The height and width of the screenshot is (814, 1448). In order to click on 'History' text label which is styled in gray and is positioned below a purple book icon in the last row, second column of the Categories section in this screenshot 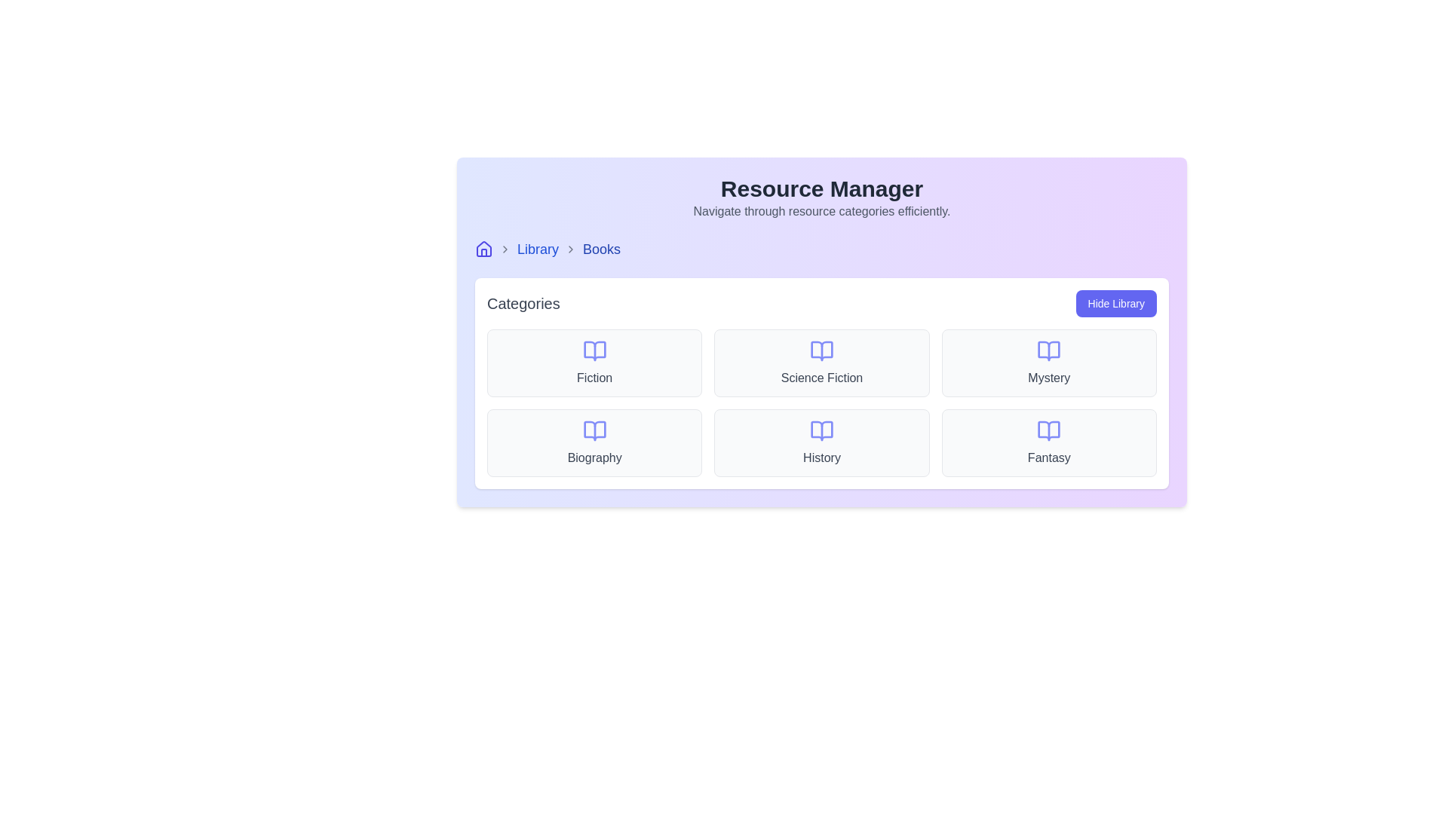, I will do `click(821, 457)`.